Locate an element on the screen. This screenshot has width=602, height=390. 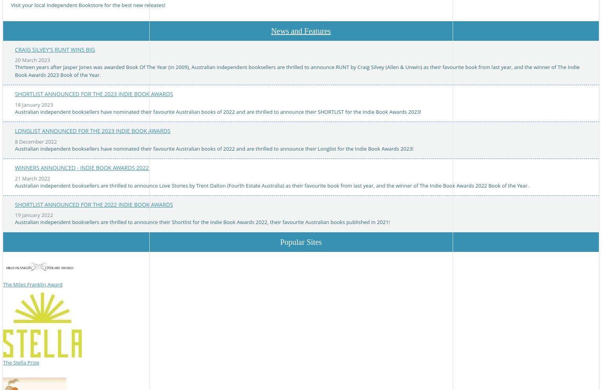
'The Miles Franklin Award' is located at coordinates (33, 284).